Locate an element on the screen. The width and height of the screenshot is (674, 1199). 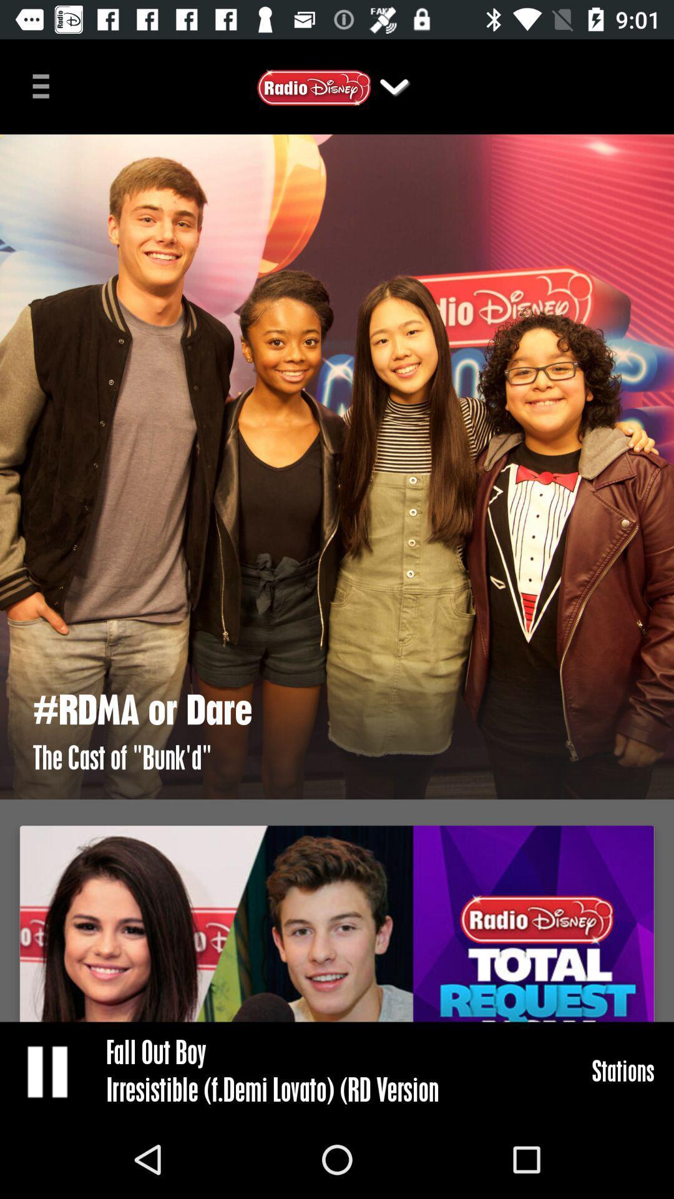
the icon next to fall out boy icon is located at coordinates (623, 1070).